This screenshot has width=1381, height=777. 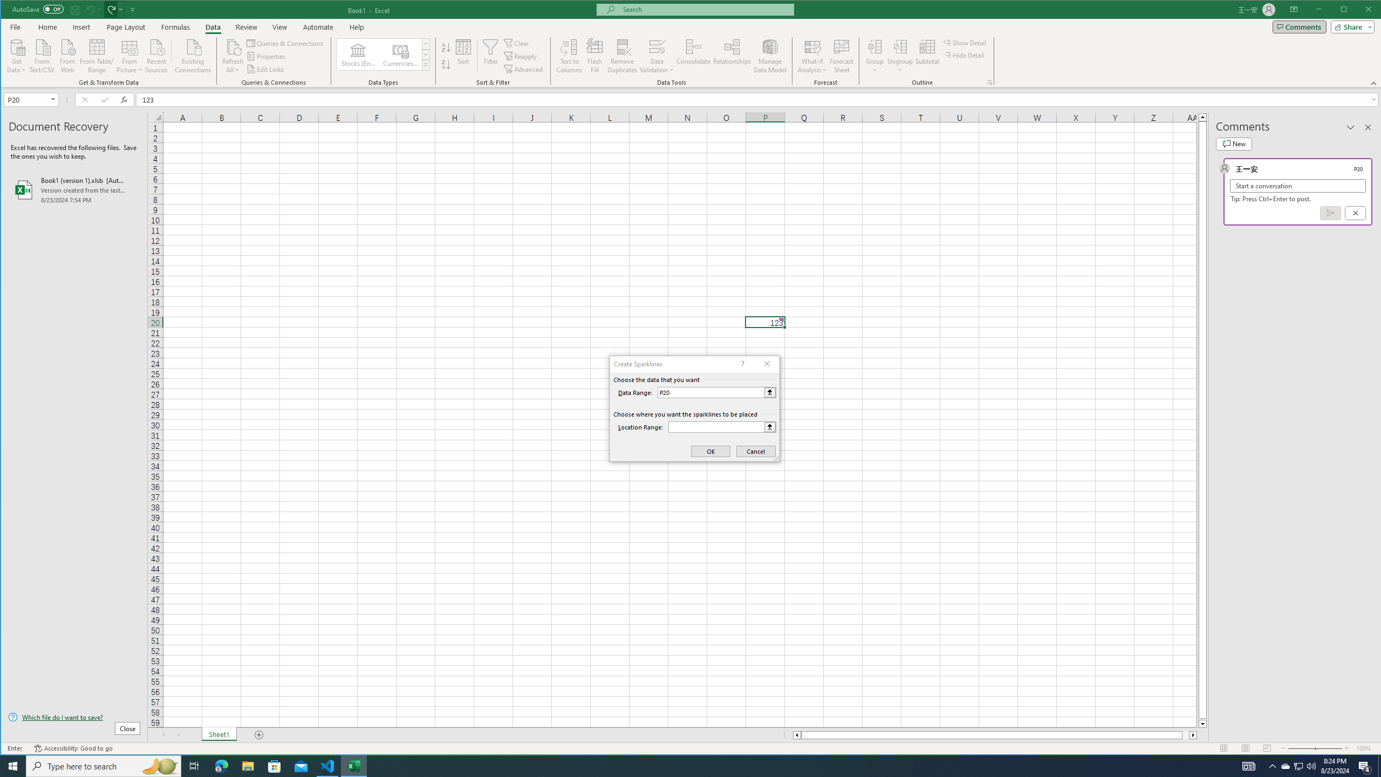 What do you see at coordinates (732, 56) in the screenshot?
I see `'Relationships'` at bounding box center [732, 56].